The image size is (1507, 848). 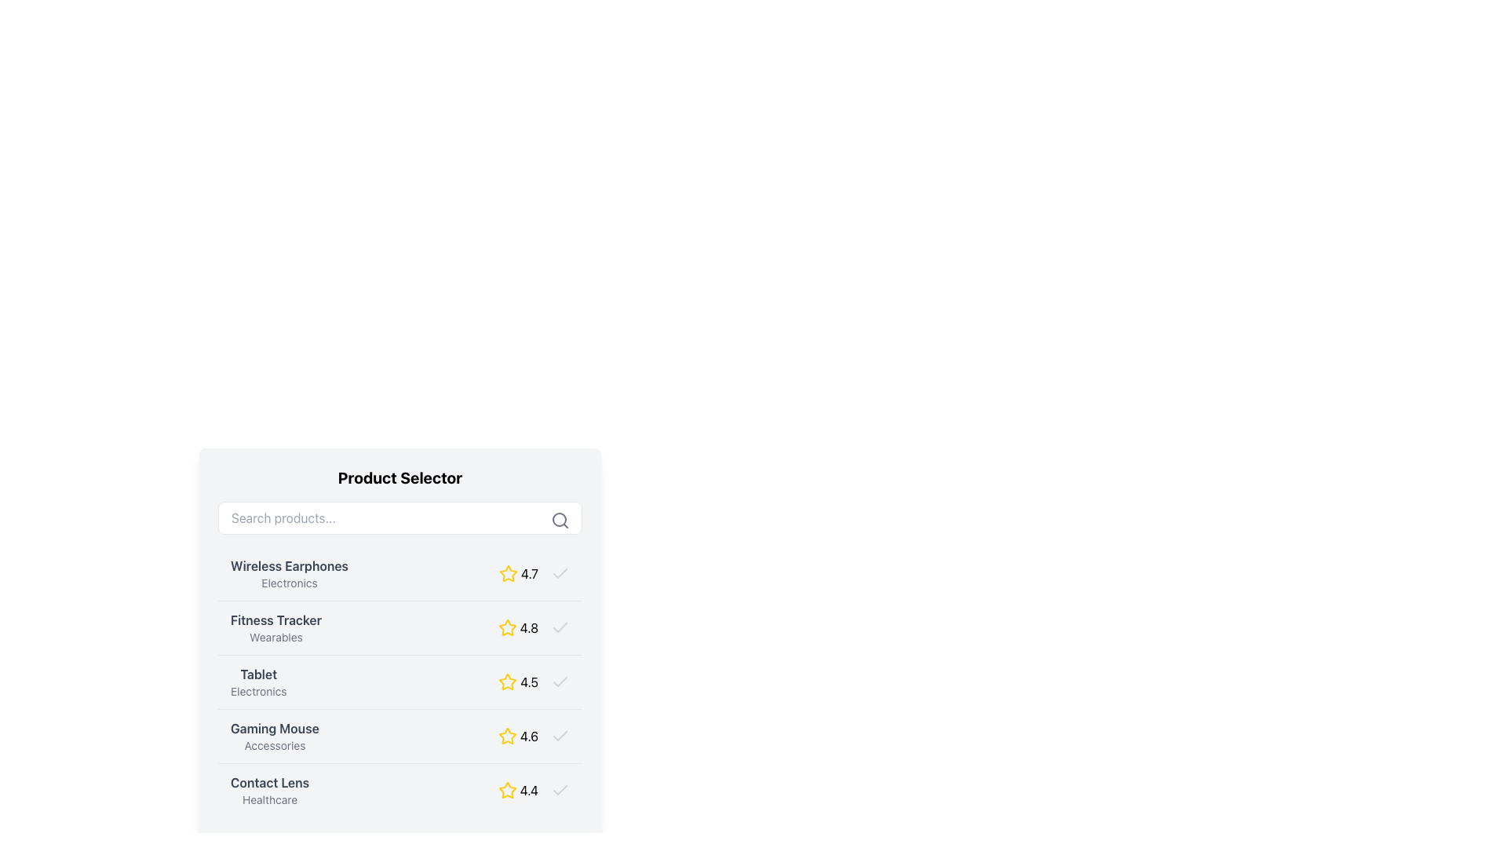 I want to click on the star icon representing the rating of the 'Tablet' product, which is located in the third row of the vertical product list next to the rating '4.5', so click(x=508, y=680).